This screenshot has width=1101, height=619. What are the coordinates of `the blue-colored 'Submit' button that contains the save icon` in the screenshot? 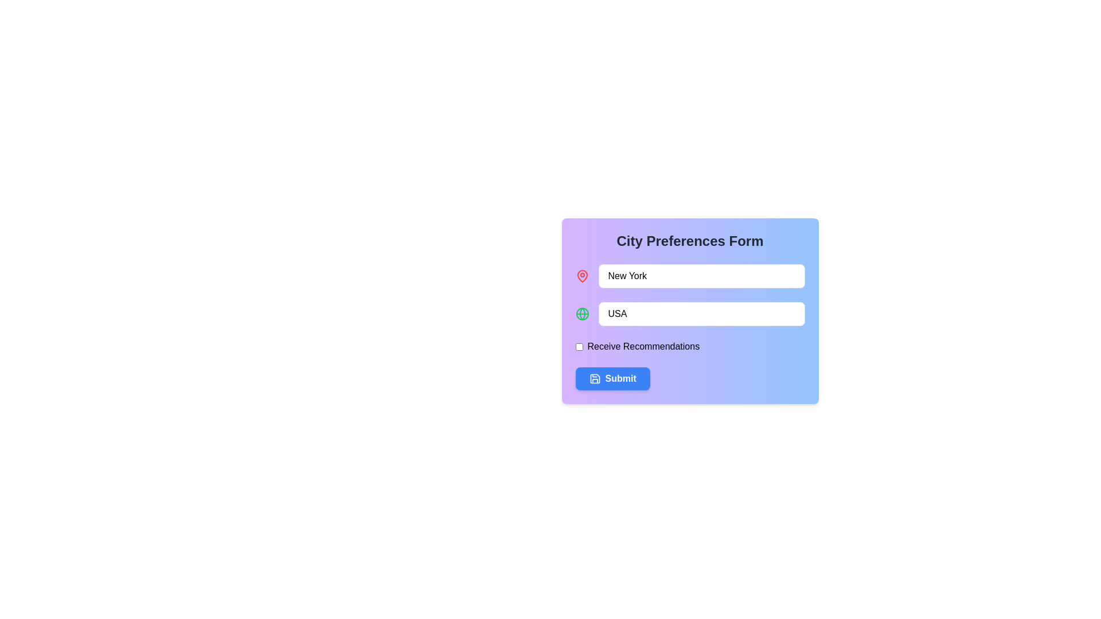 It's located at (595, 378).